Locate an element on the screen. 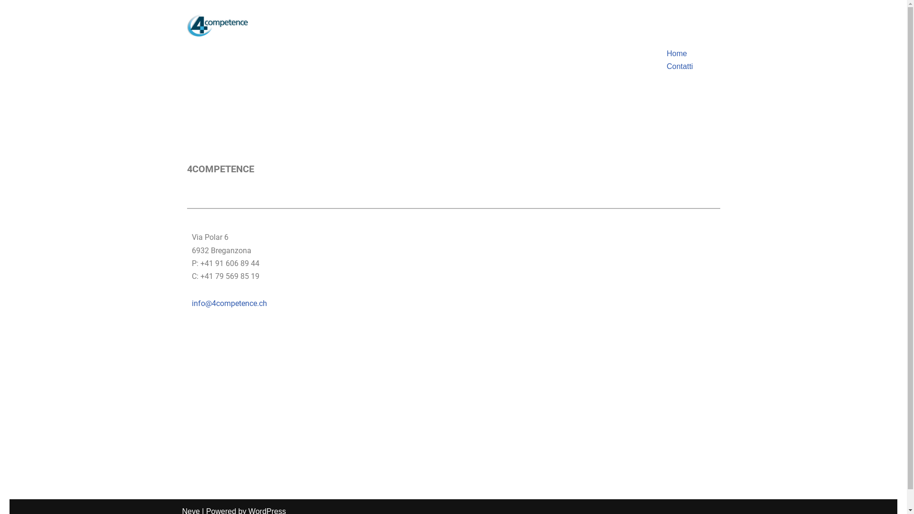 This screenshot has height=514, width=914. 'logo' is located at coordinates (187, 25).